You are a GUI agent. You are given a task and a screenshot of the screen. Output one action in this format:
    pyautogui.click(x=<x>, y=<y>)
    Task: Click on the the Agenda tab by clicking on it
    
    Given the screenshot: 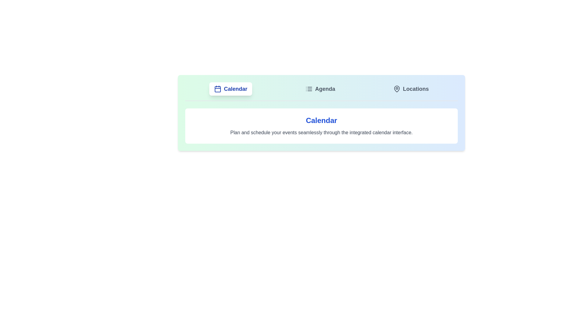 What is the action you would take?
    pyautogui.click(x=319, y=89)
    